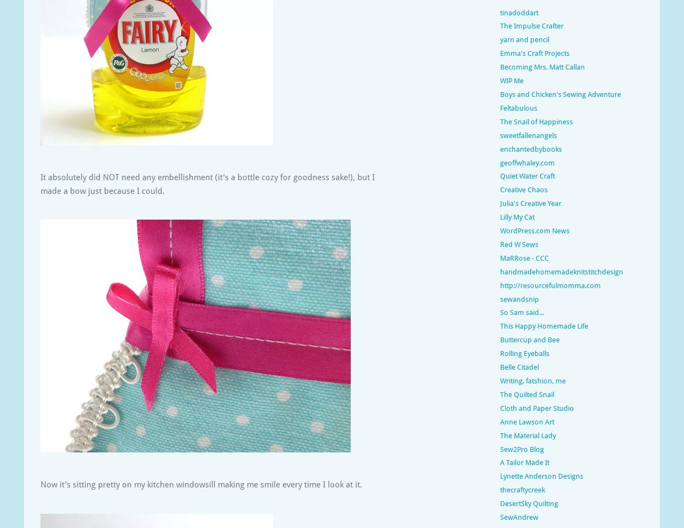 This screenshot has width=684, height=528. Describe the element at coordinates (519, 517) in the screenshot. I see `'SewAndrew'` at that location.